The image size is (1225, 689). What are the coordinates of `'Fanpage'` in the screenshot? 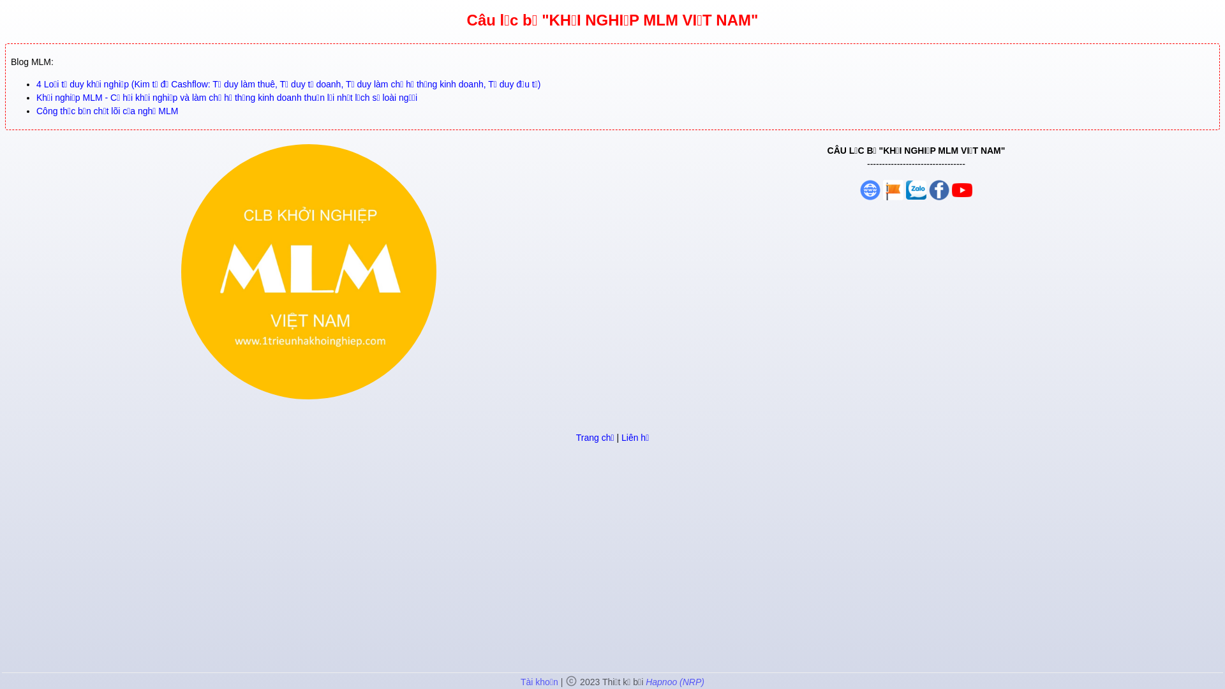 It's located at (893, 189).